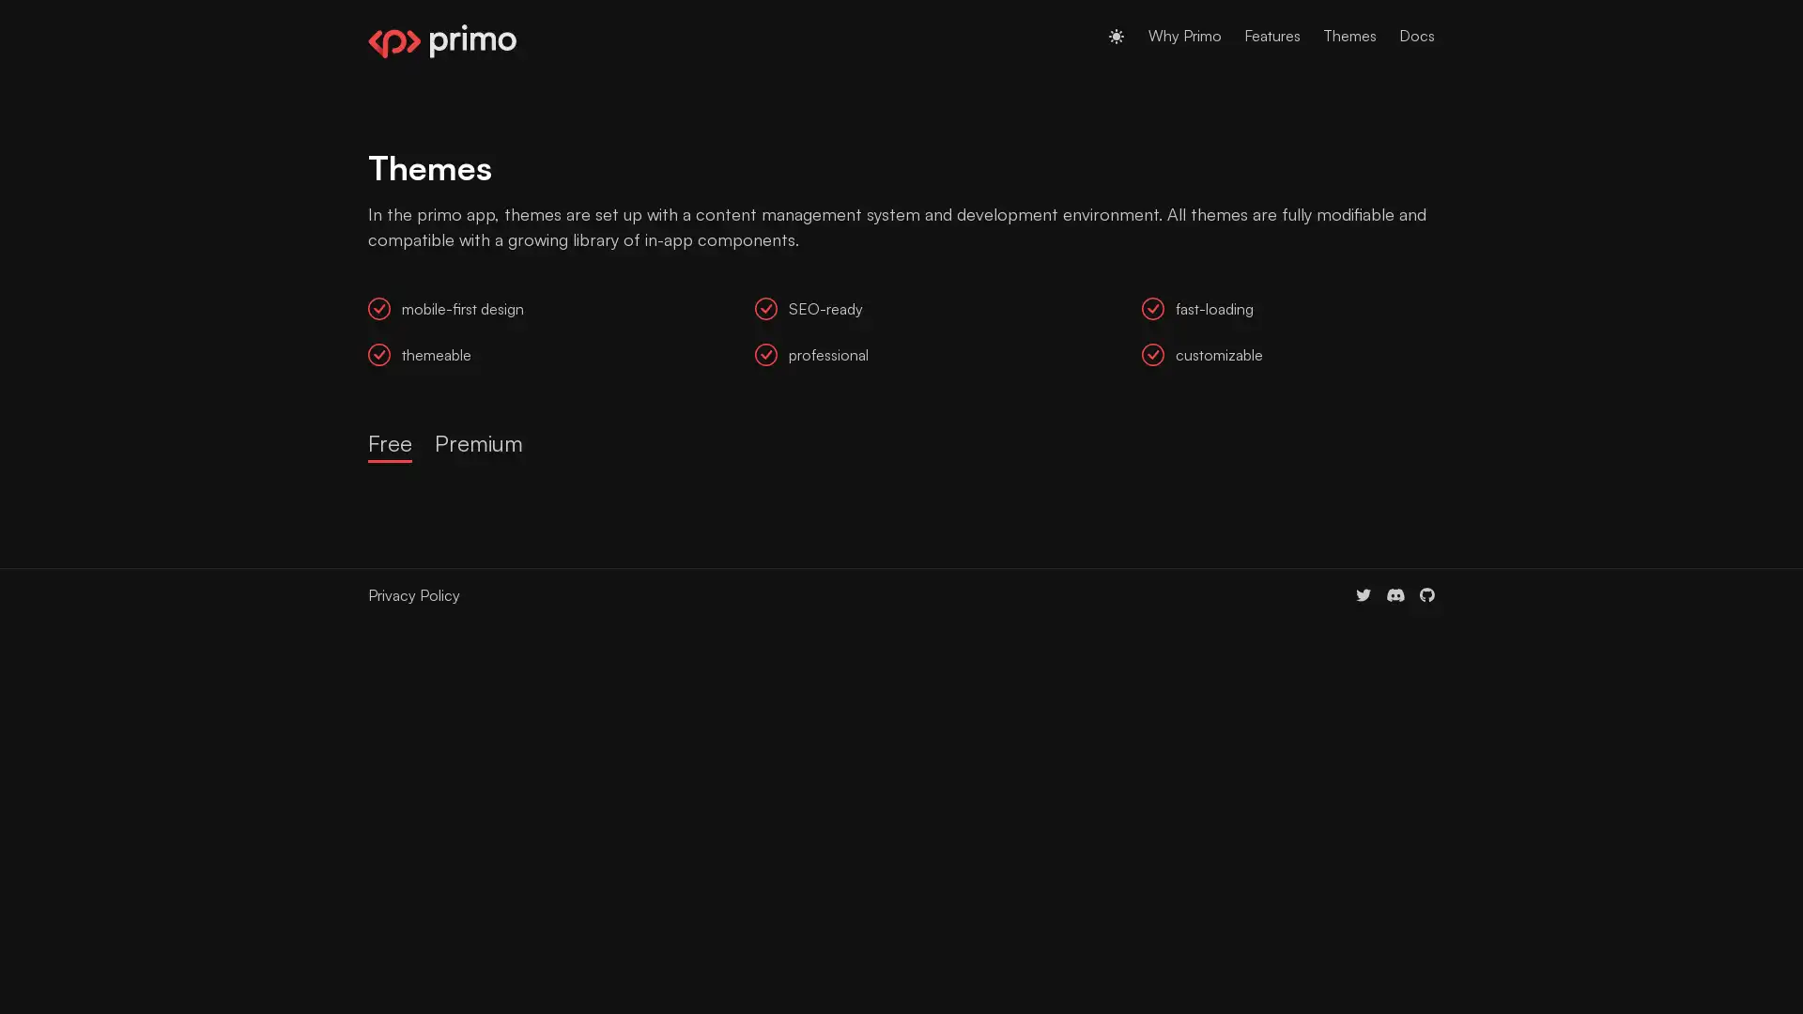  What do you see at coordinates (389, 444) in the screenshot?
I see `Free` at bounding box center [389, 444].